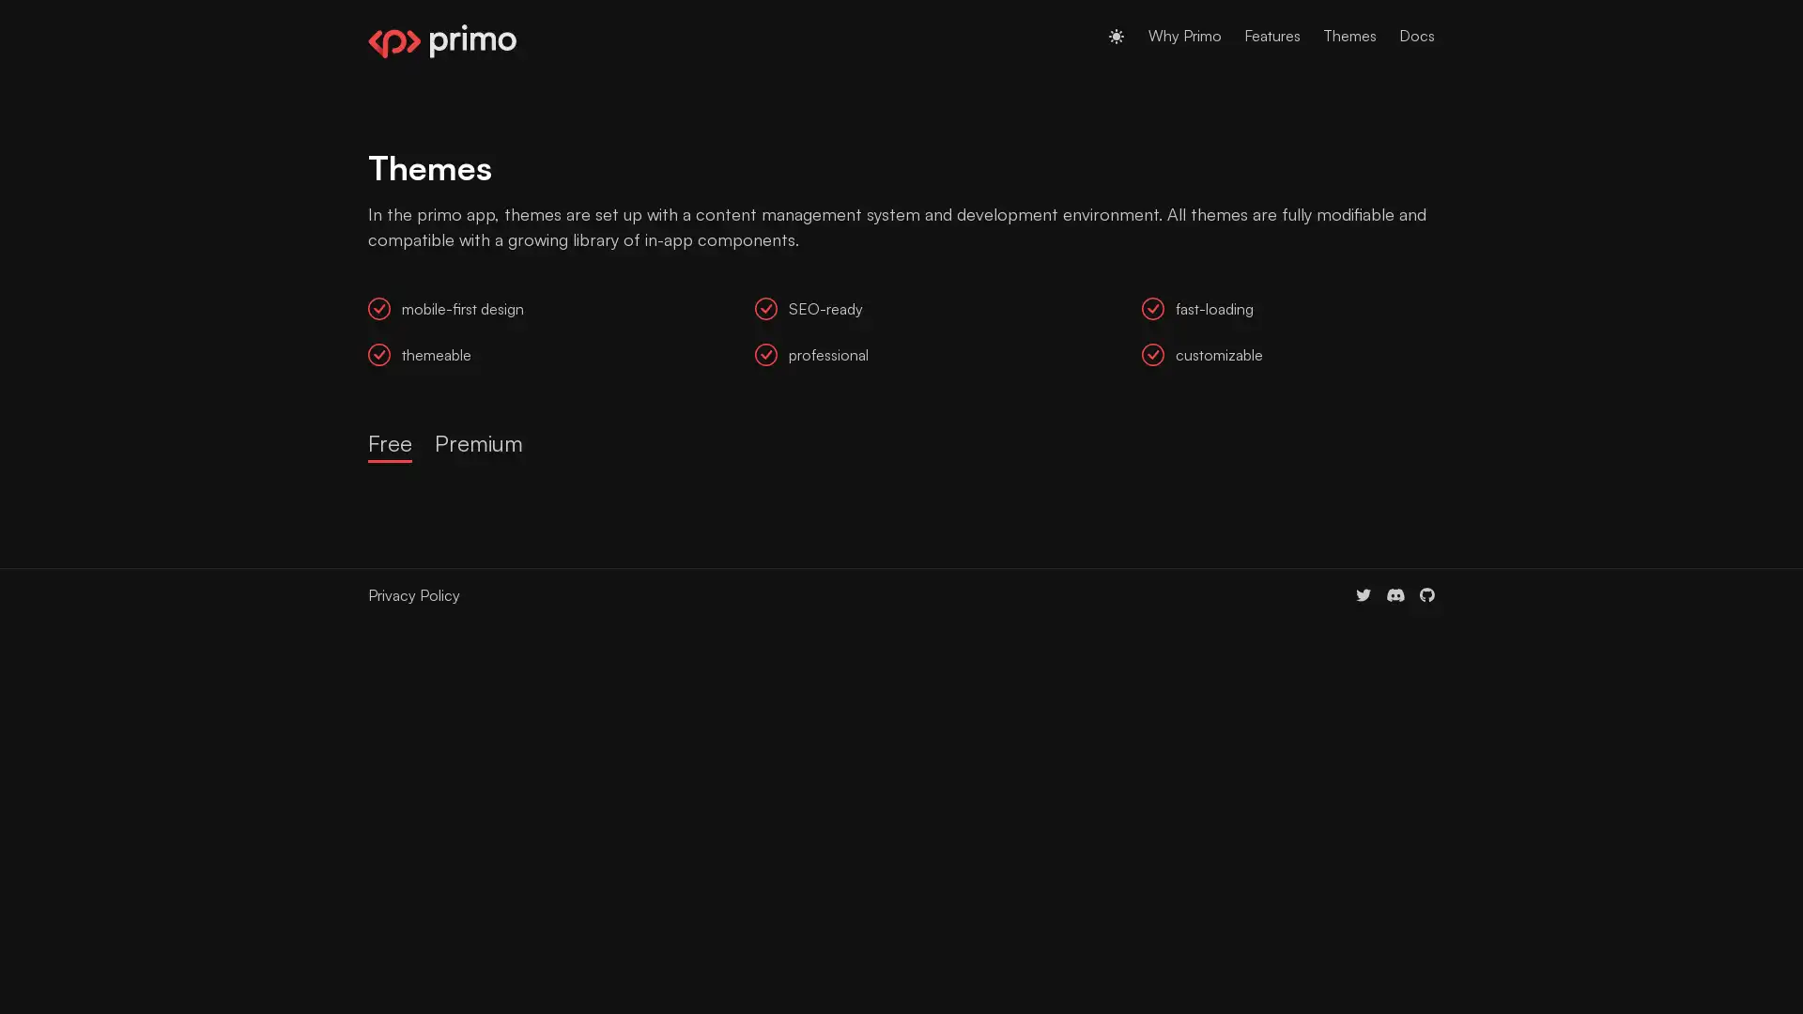  What do you see at coordinates (389, 444) in the screenshot?
I see `Free` at bounding box center [389, 444].